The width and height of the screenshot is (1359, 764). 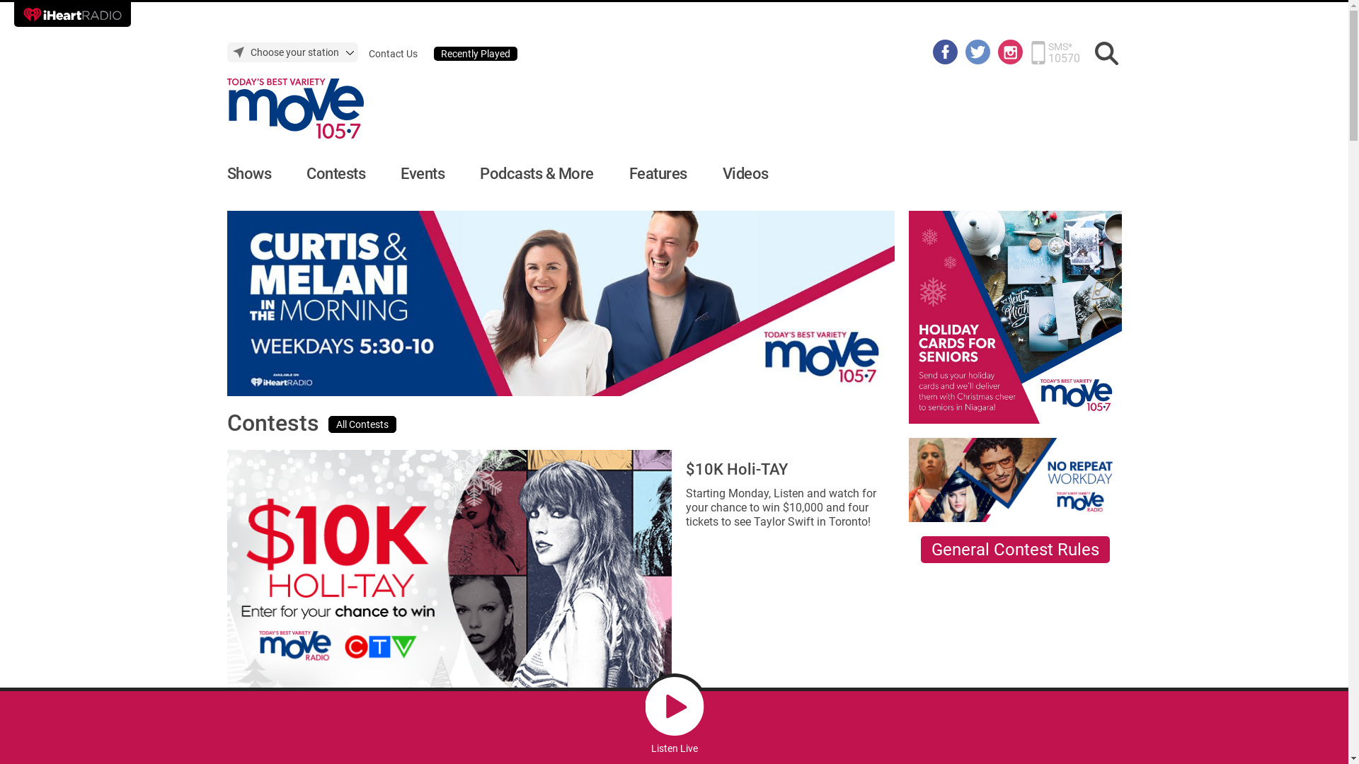 I want to click on 'Contact Us', so click(x=367, y=53).